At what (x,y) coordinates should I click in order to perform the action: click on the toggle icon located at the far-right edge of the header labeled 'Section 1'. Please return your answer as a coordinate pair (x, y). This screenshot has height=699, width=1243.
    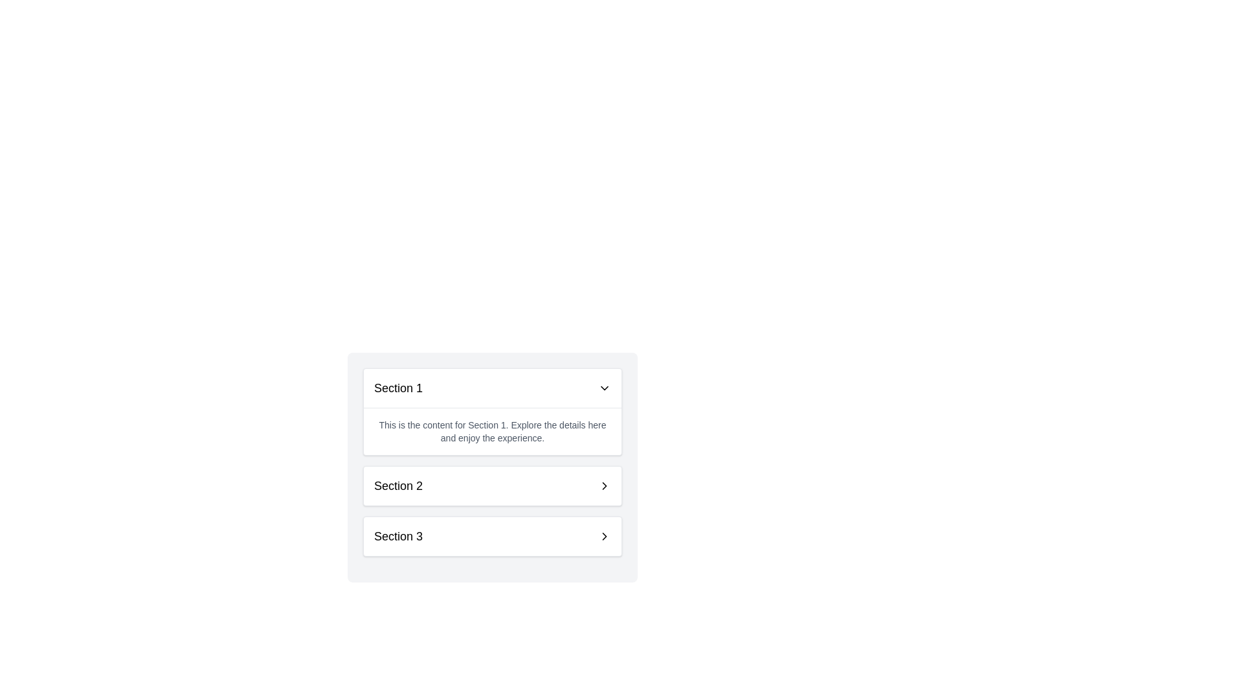
    Looking at the image, I should click on (604, 388).